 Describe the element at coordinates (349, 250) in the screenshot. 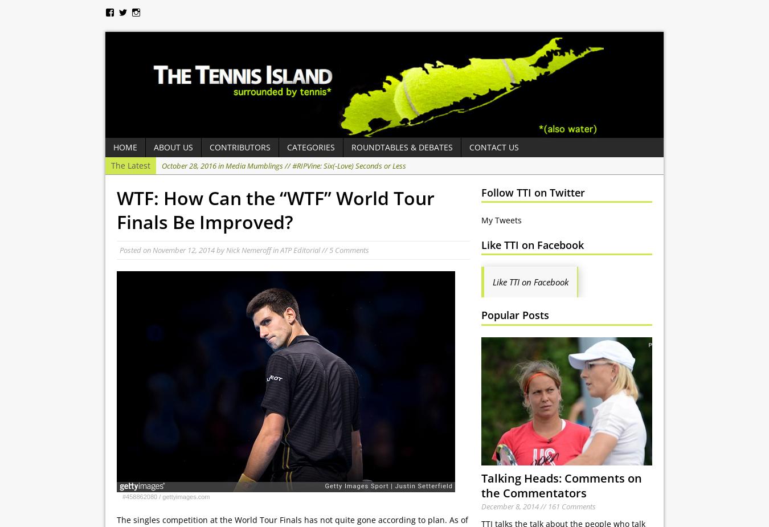

I see `'5 Comments'` at that location.